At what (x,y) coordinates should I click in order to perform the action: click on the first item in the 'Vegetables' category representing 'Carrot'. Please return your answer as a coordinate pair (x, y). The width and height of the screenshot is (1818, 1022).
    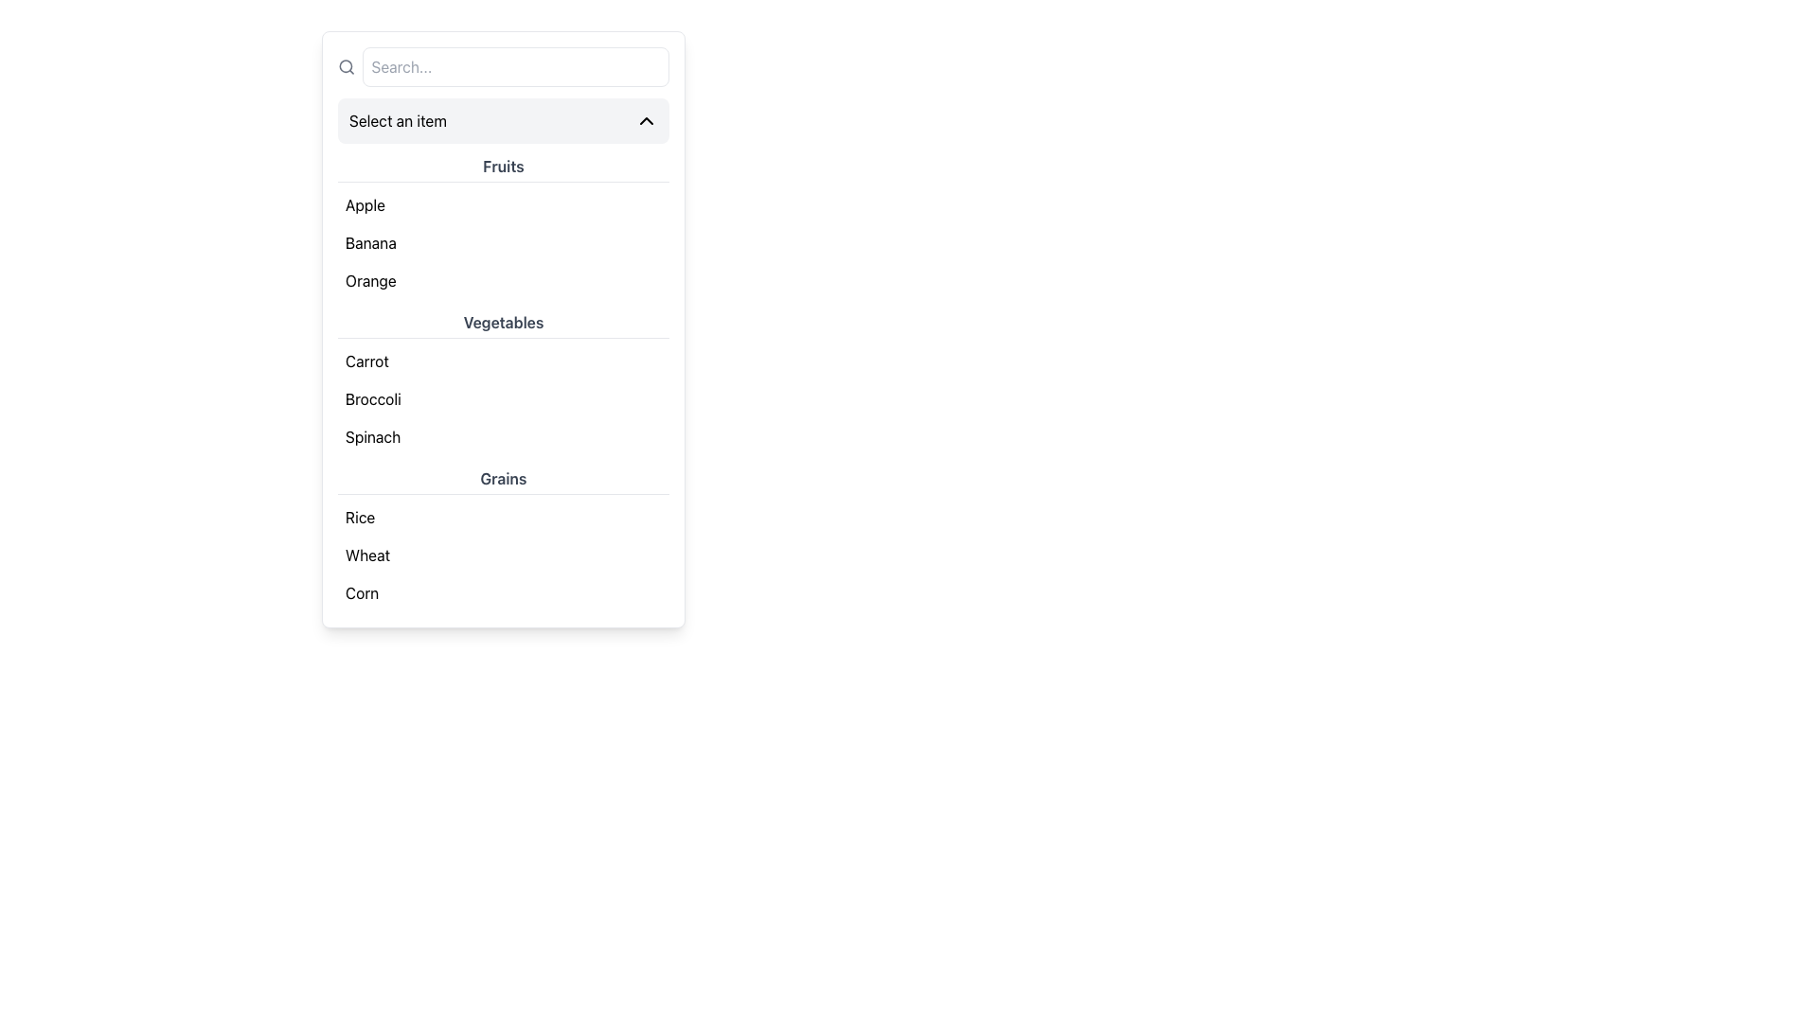
    Looking at the image, I should click on (504, 361).